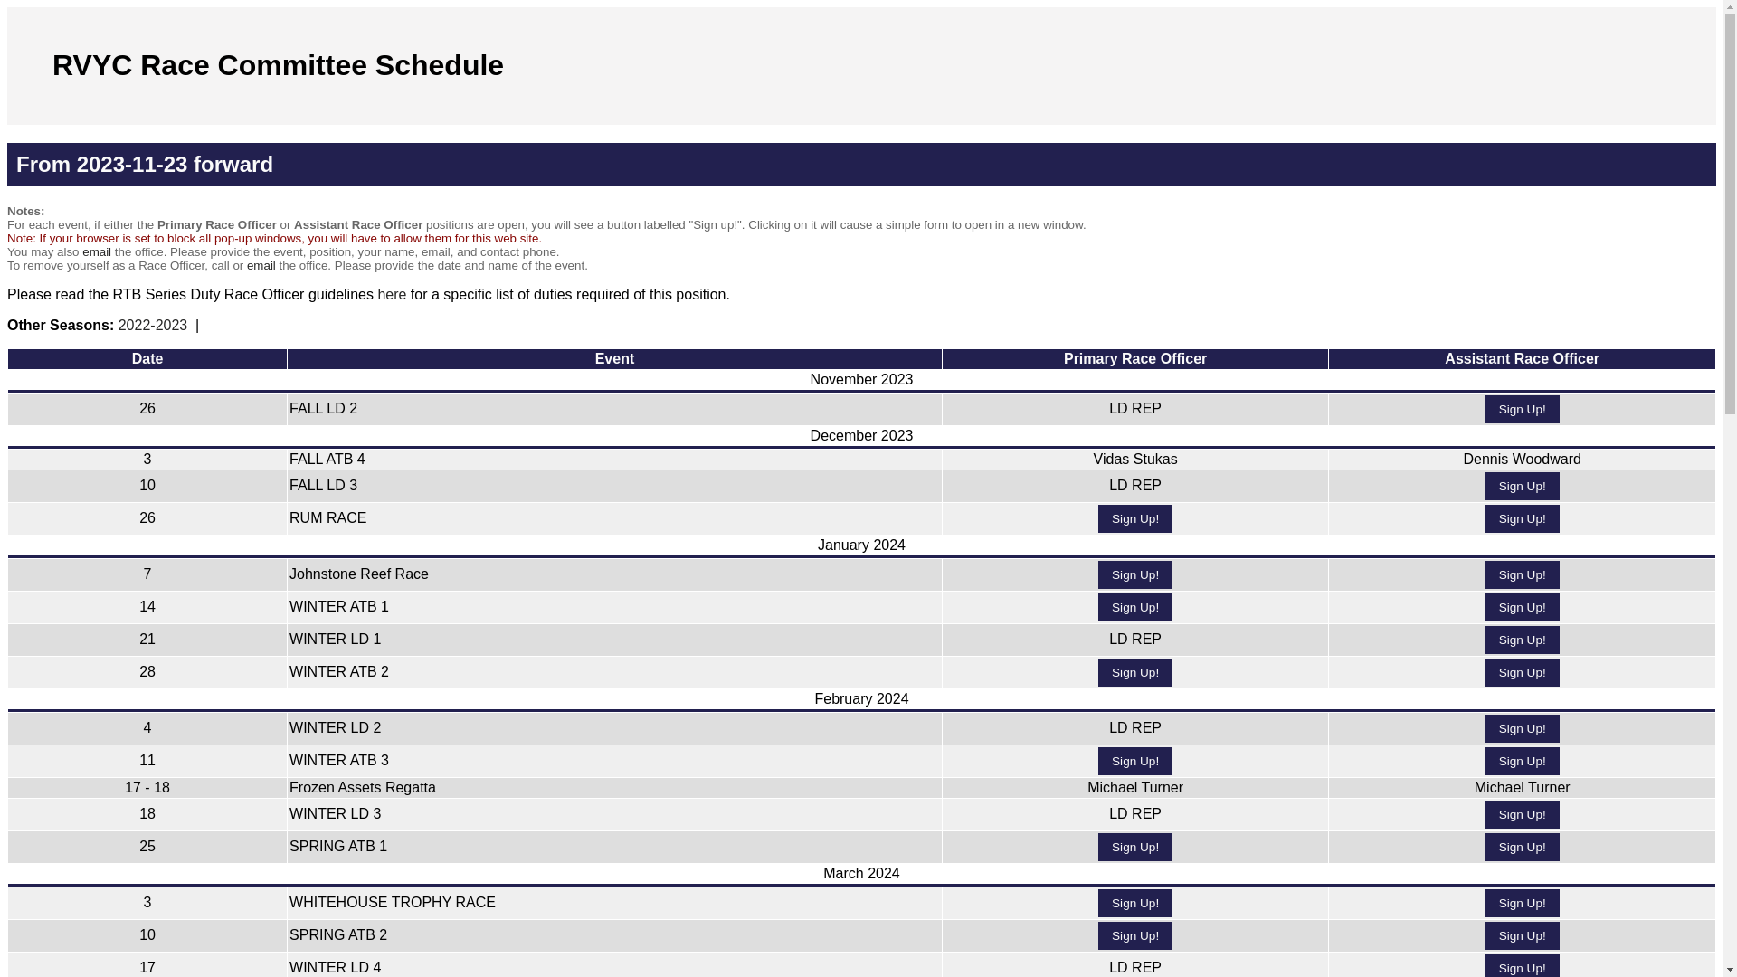 The width and height of the screenshot is (1737, 977). Describe the element at coordinates (1485, 847) in the screenshot. I see `'Sign Up!'` at that location.